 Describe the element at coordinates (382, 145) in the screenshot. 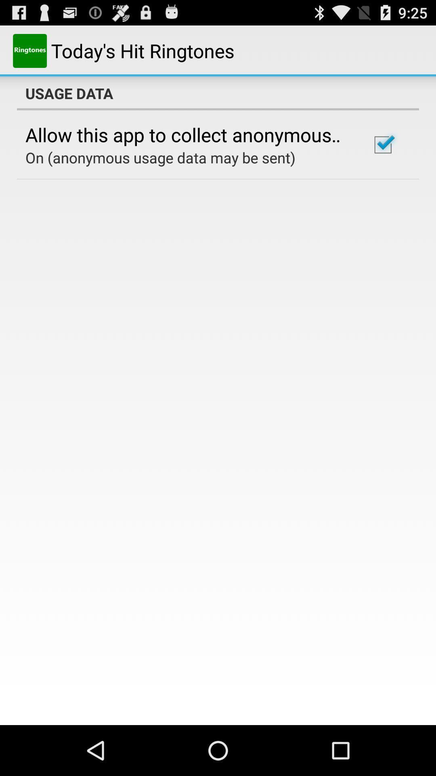

I see `icon next to allow this app` at that location.